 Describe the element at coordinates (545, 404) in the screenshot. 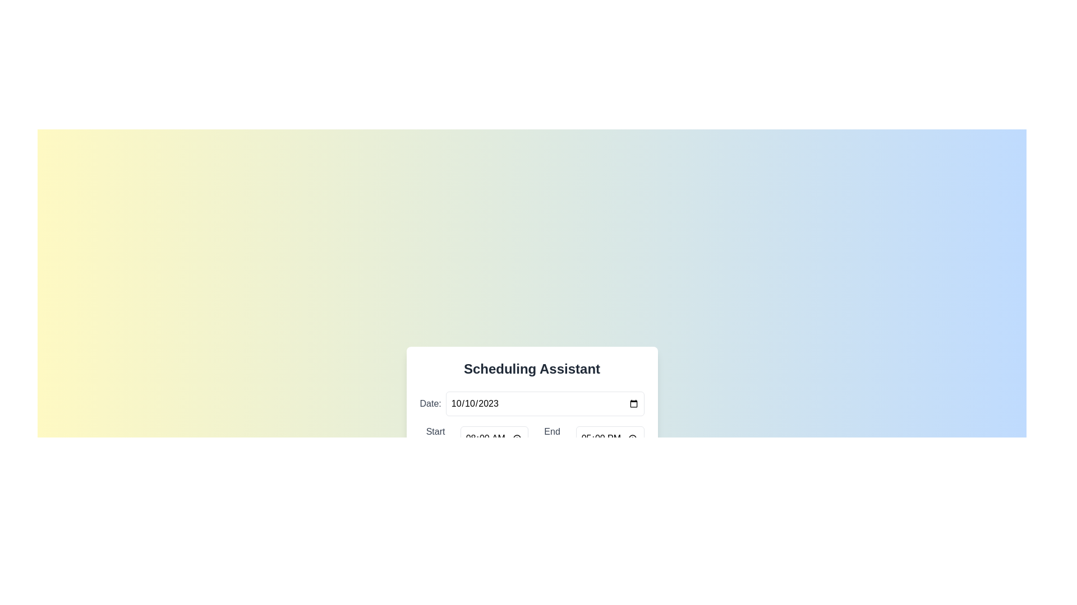

I see `tab navigation` at that location.